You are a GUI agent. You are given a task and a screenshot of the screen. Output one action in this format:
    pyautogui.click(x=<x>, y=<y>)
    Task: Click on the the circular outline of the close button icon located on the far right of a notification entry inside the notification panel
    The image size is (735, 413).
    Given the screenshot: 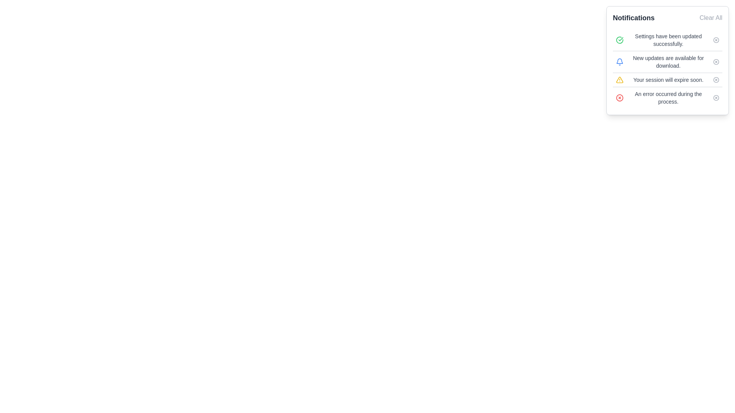 What is the action you would take?
    pyautogui.click(x=619, y=97)
    